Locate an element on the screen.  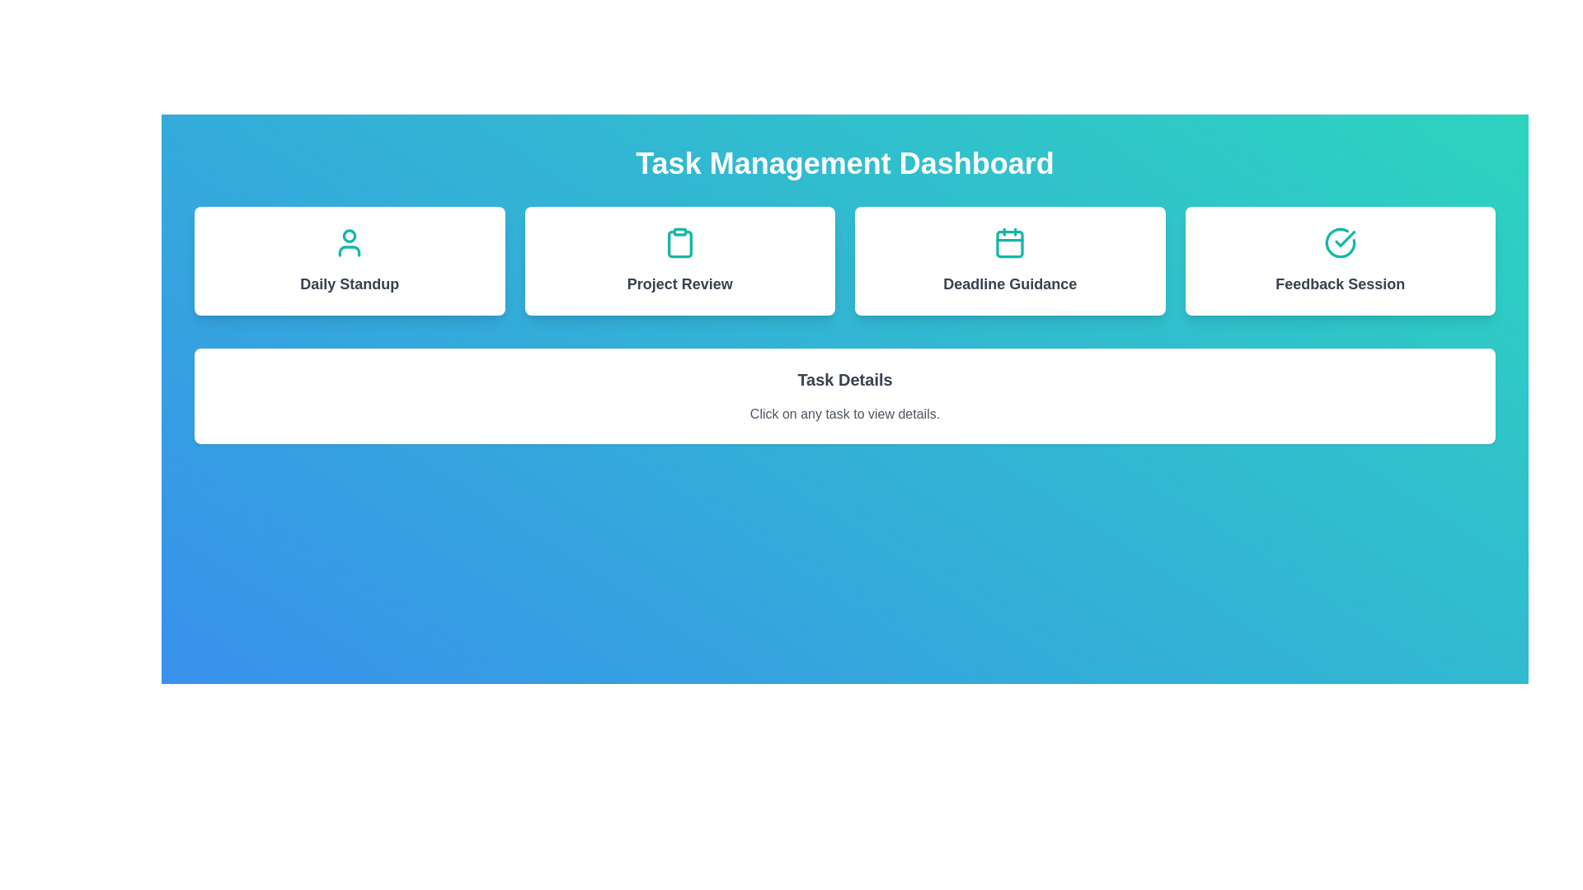
the 'Deadline Guidance' button, which is the third card in a row of four within the task management interface is located at coordinates (1009, 260).